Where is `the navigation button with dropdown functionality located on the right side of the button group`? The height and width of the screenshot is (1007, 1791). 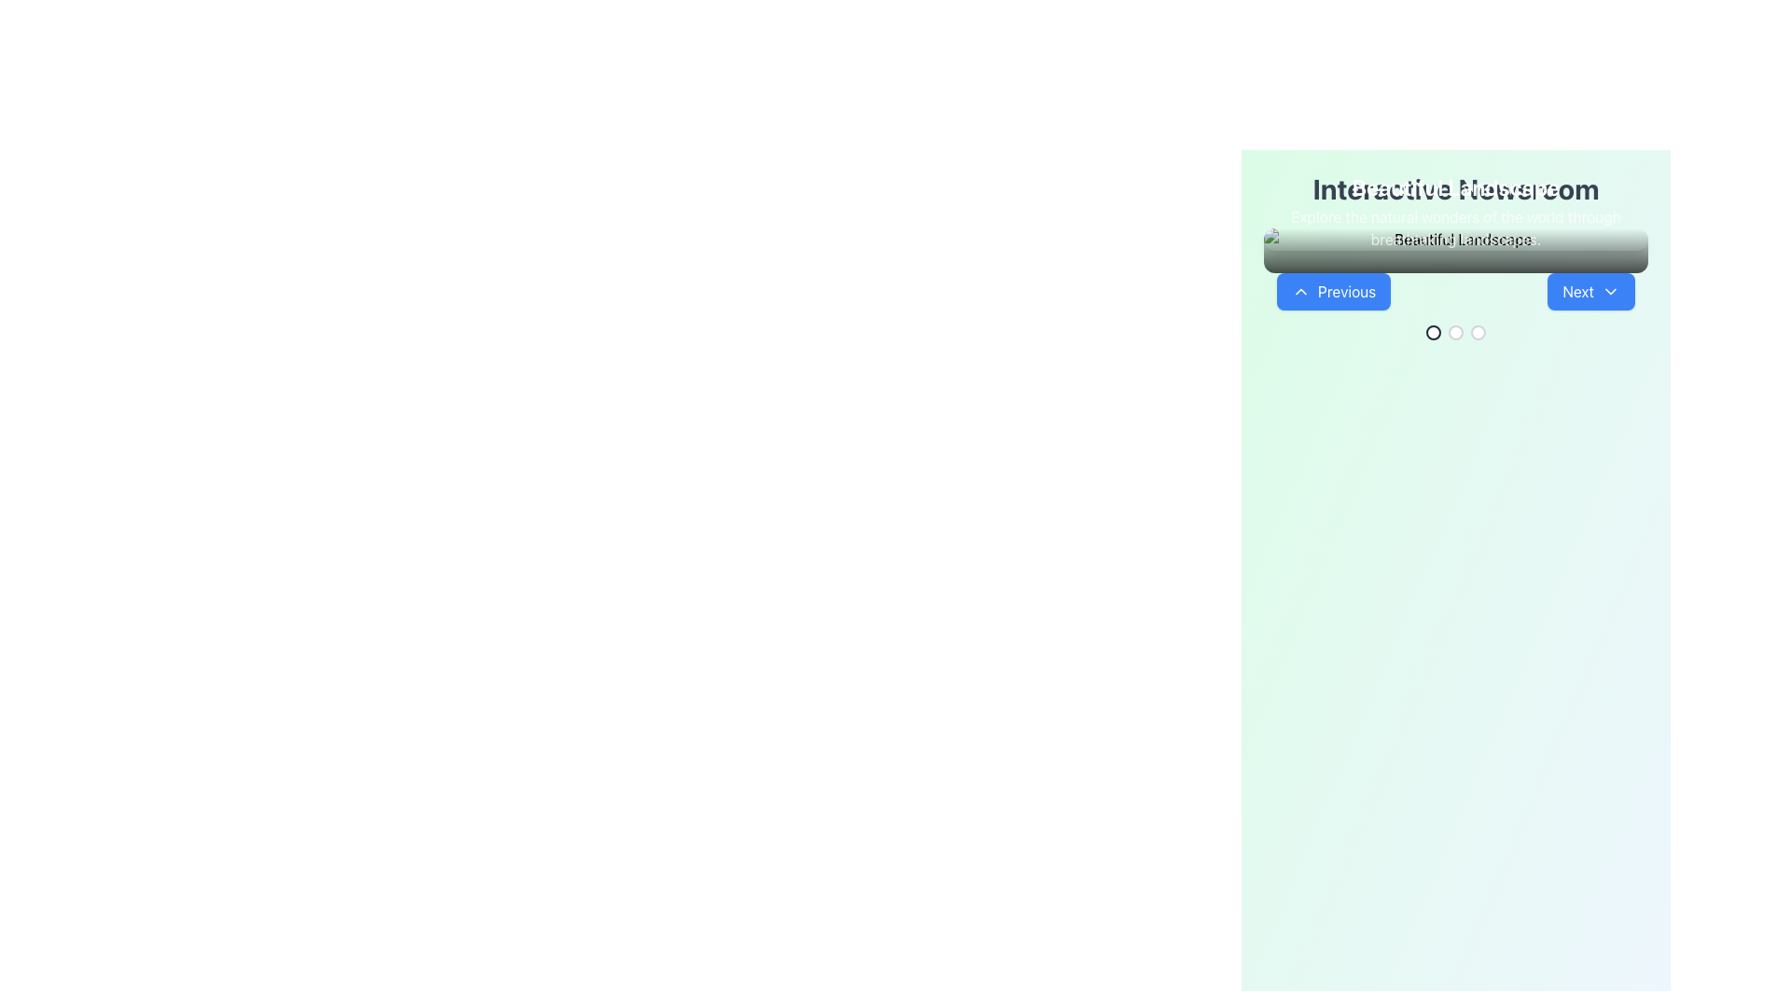 the navigation button with dropdown functionality located on the right side of the button group is located at coordinates (1590, 291).